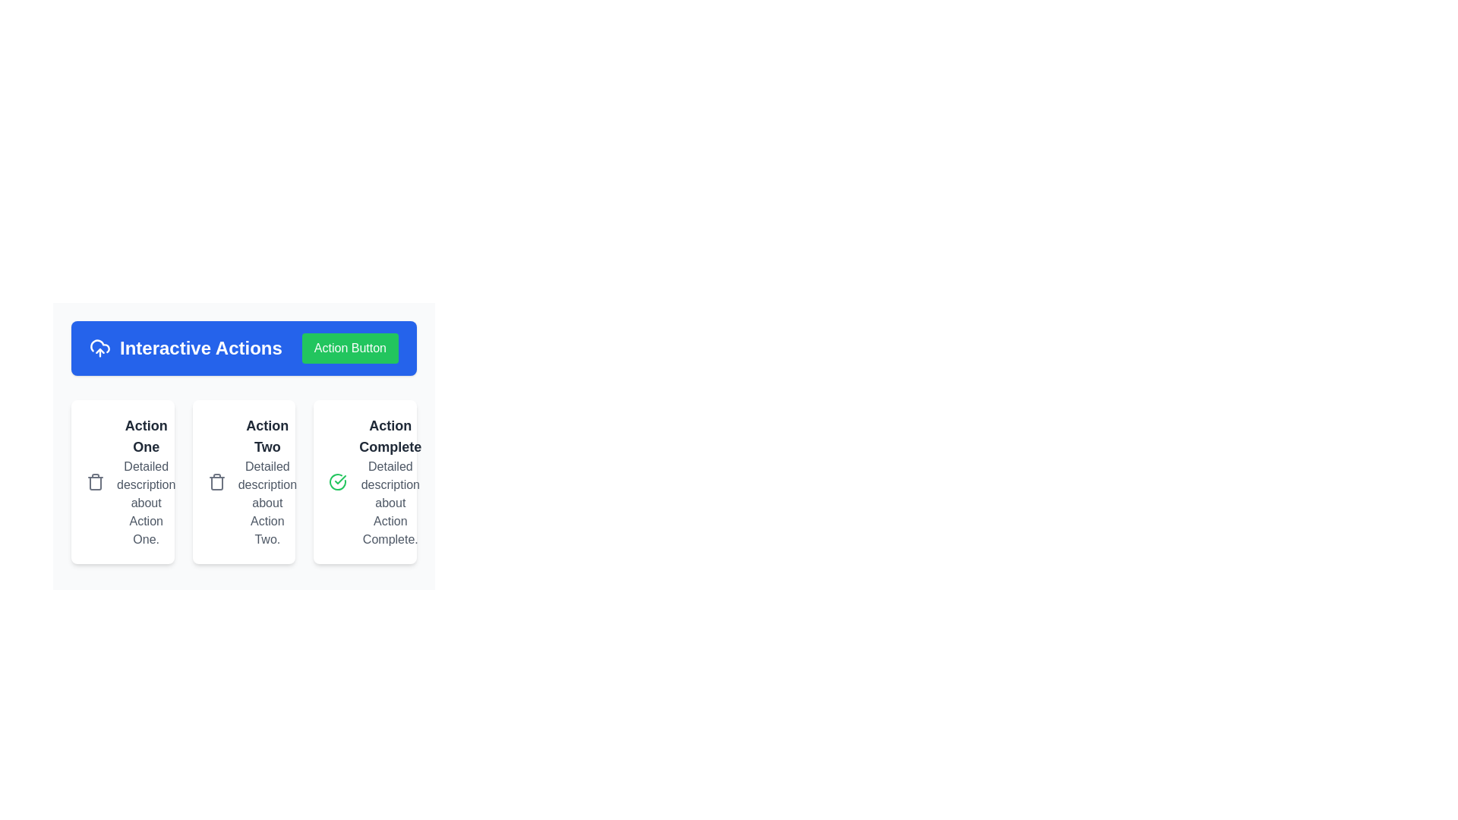 The height and width of the screenshot is (820, 1458). What do you see at coordinates (390, 482) in the screenshot?
I see `the static informational text component titled 'Action Complete', which is the third card in a sequence of similar cards, styled with a bold title and detailed description` at bounding box center [390, 482].